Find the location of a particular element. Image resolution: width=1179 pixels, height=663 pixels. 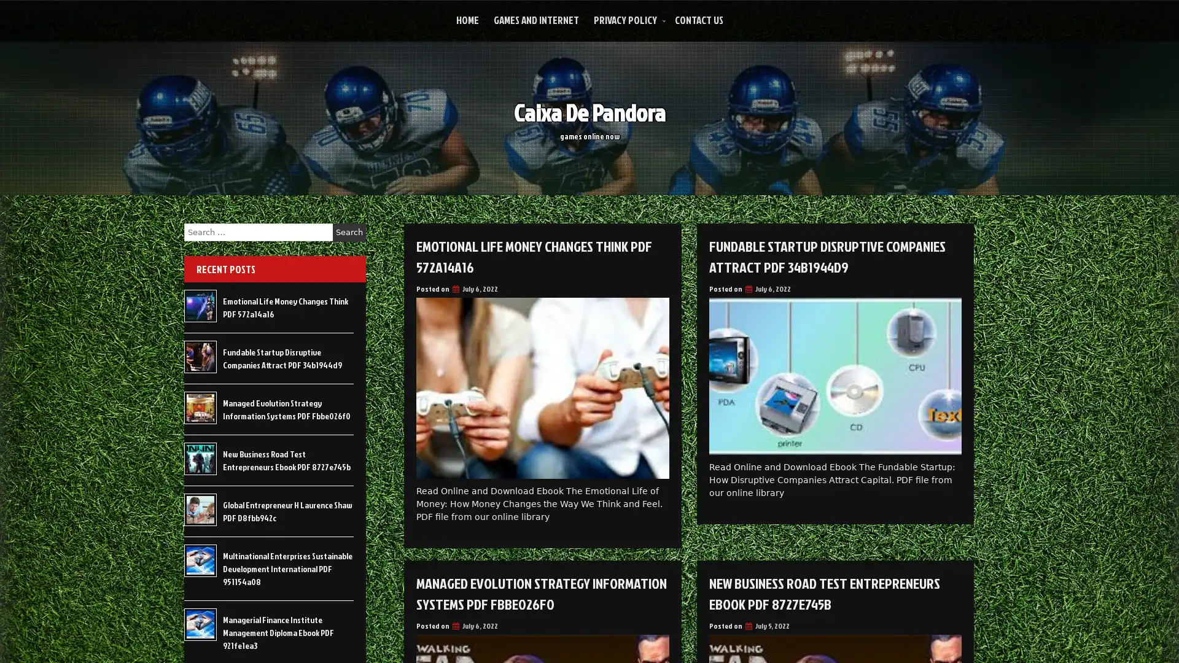

Search is located at coordinates (349, 232).